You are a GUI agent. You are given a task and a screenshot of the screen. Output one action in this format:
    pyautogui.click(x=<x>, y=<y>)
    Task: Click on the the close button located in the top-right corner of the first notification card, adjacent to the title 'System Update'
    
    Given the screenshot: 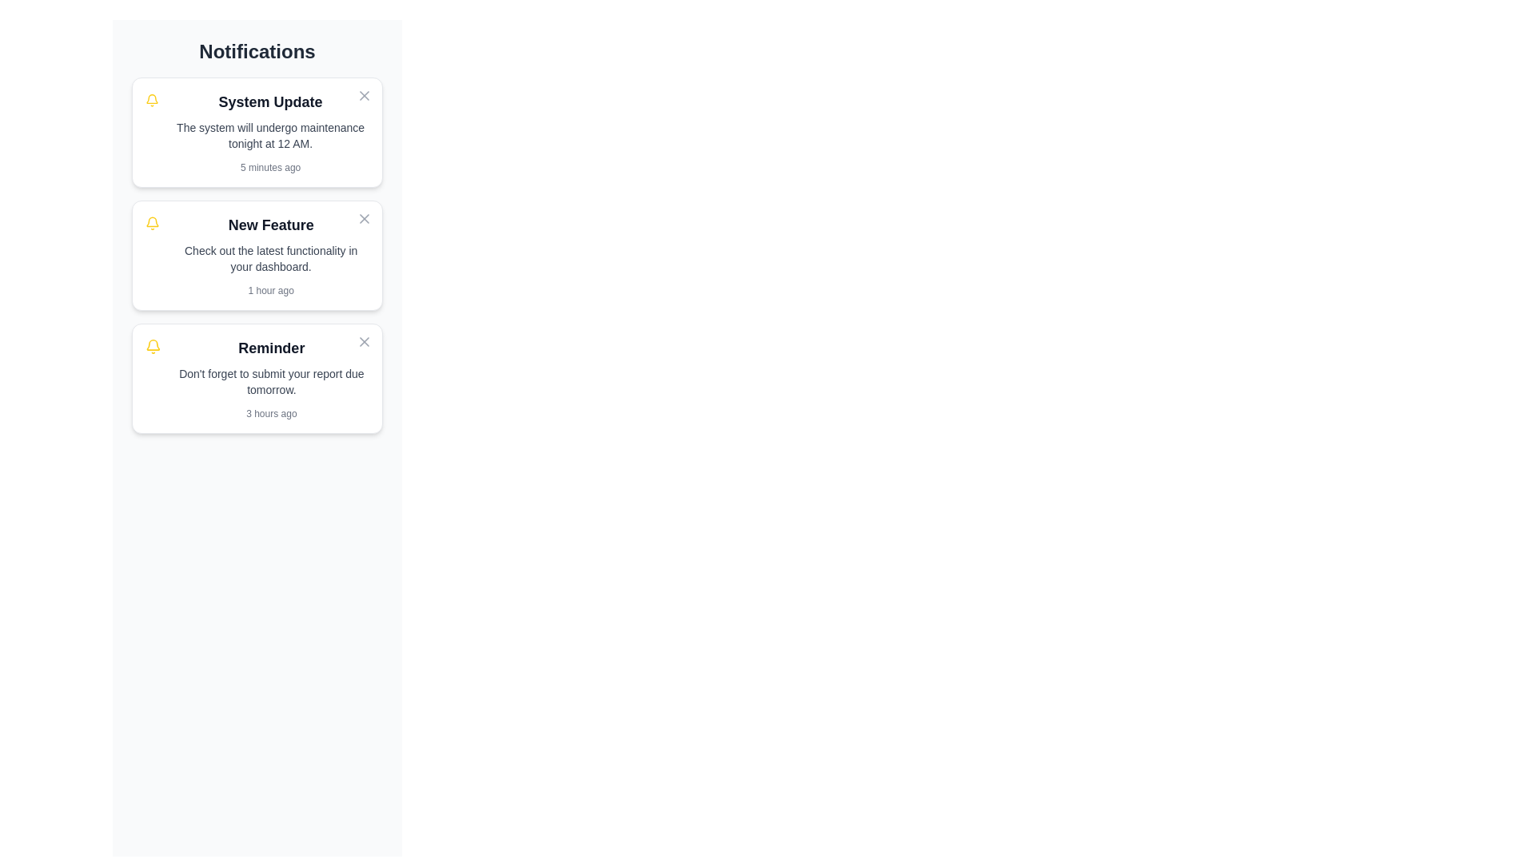 What is the action you would take?
    pyautogui.click(x=364, y=95)
    